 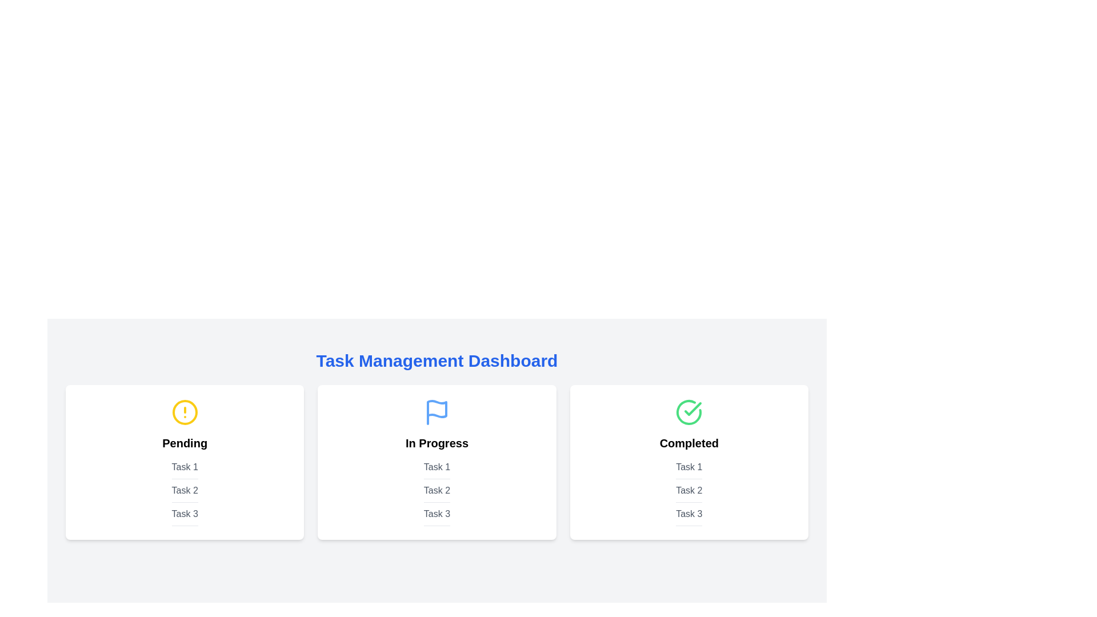 What do you see at coordinates (688, 442) in the screenshot?
I see `the 'Completed' text label, which is a bold, large font label centered within the 'Completed' card interface, positioned below the green checkmark icon` at bounding box center [688, 442].